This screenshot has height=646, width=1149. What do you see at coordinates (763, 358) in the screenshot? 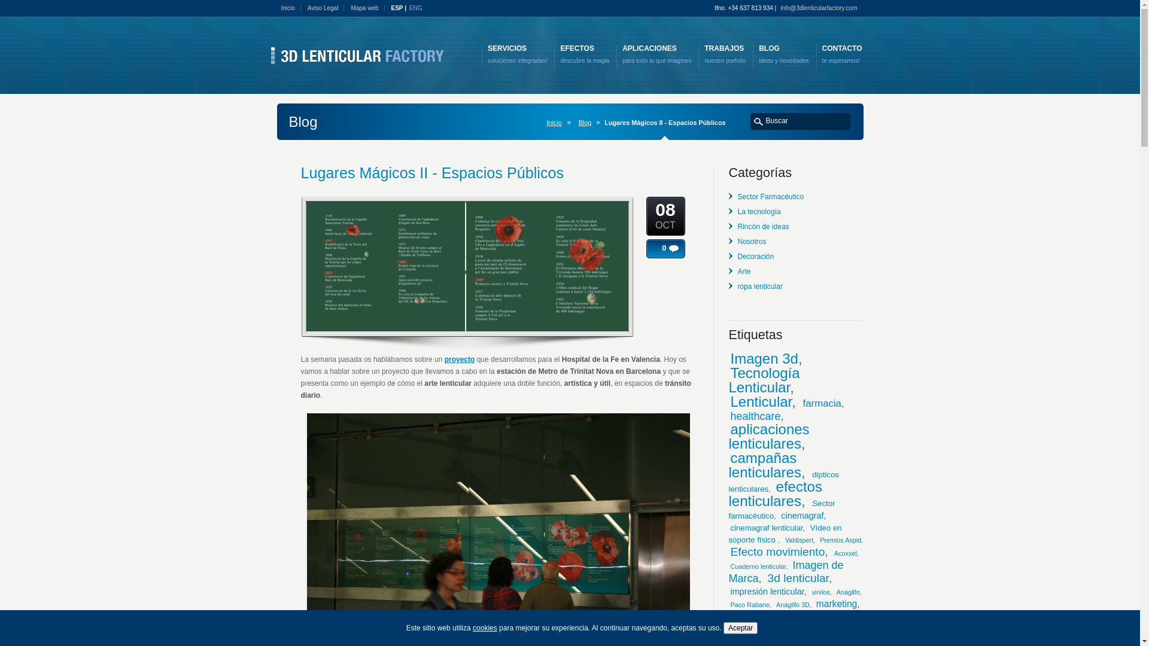
I see `'Imagen 3d'` at bounding box center [763, 358].